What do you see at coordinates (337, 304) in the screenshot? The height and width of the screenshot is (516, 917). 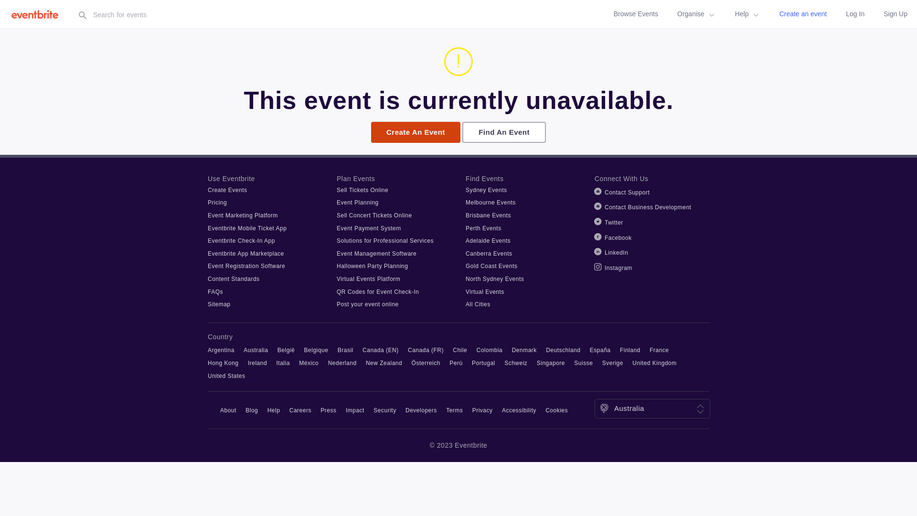 I see `'Post your event online'` at bounding box center [337, 304].